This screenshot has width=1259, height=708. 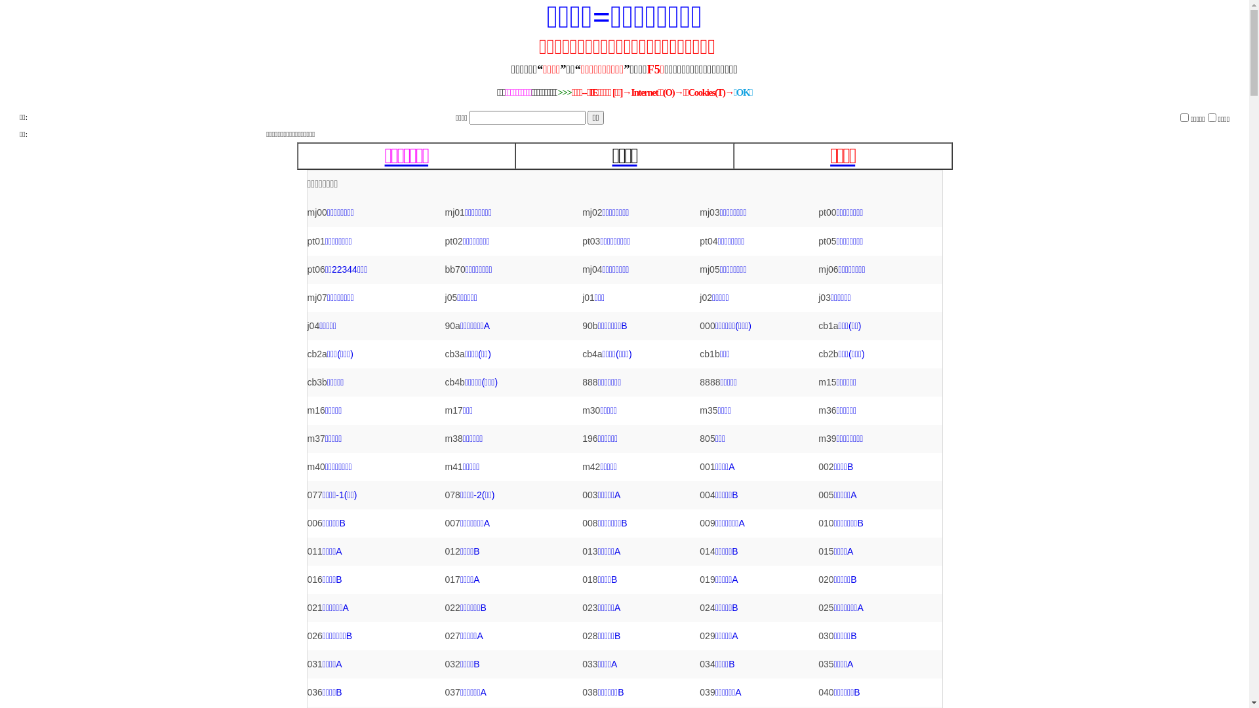 What do you see at coordinates (825, 578) in the screenshot?
I see `'020'` at bounding box center [825, 578].